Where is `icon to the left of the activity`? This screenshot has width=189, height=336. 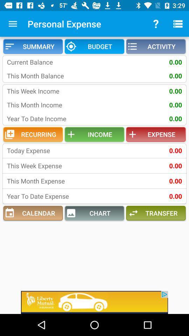
icon to the left of the activity is located at coordinates (94, 46).